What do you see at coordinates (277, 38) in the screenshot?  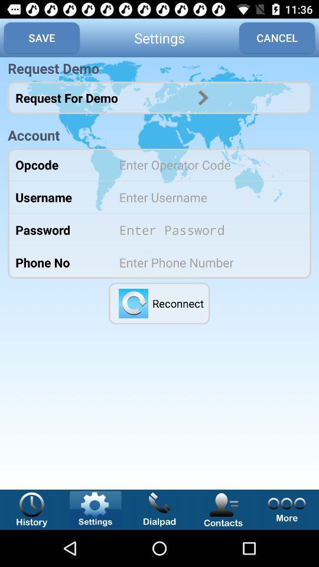 I see `icon to the right of the settings app` at bounding box center [277, 38].